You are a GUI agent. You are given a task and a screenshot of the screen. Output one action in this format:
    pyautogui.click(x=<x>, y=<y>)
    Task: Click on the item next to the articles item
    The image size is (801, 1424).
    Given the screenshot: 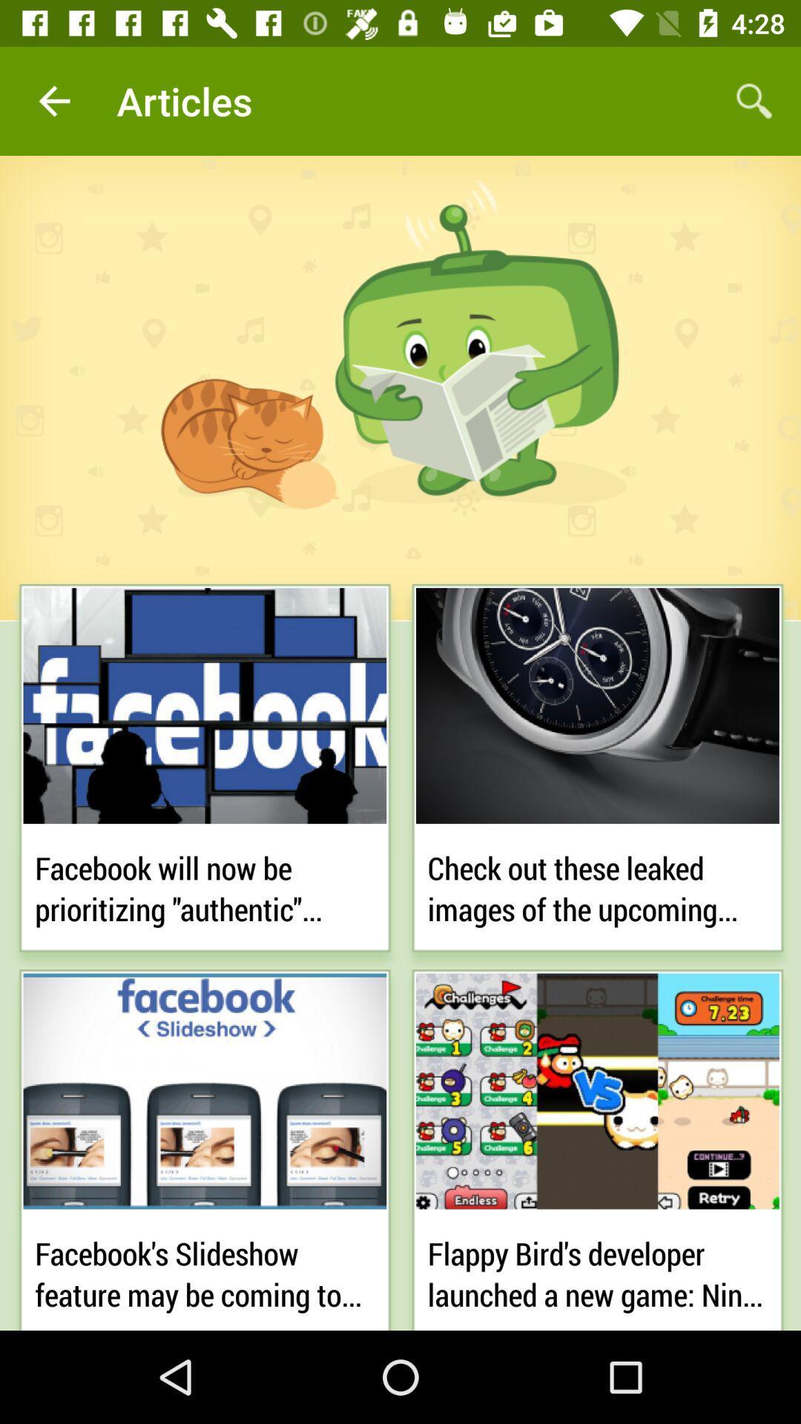 What is the action you would take?
    pyautogui.click(x=754, y=100)
    